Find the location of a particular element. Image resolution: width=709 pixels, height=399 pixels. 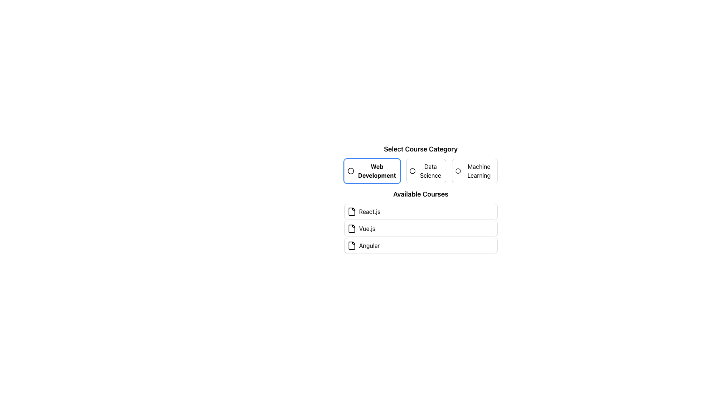

the 'Machine Learning' text label within the 'Select Course Category' section to retrieve additional information, if enabled is located at coordinates (479, 171).